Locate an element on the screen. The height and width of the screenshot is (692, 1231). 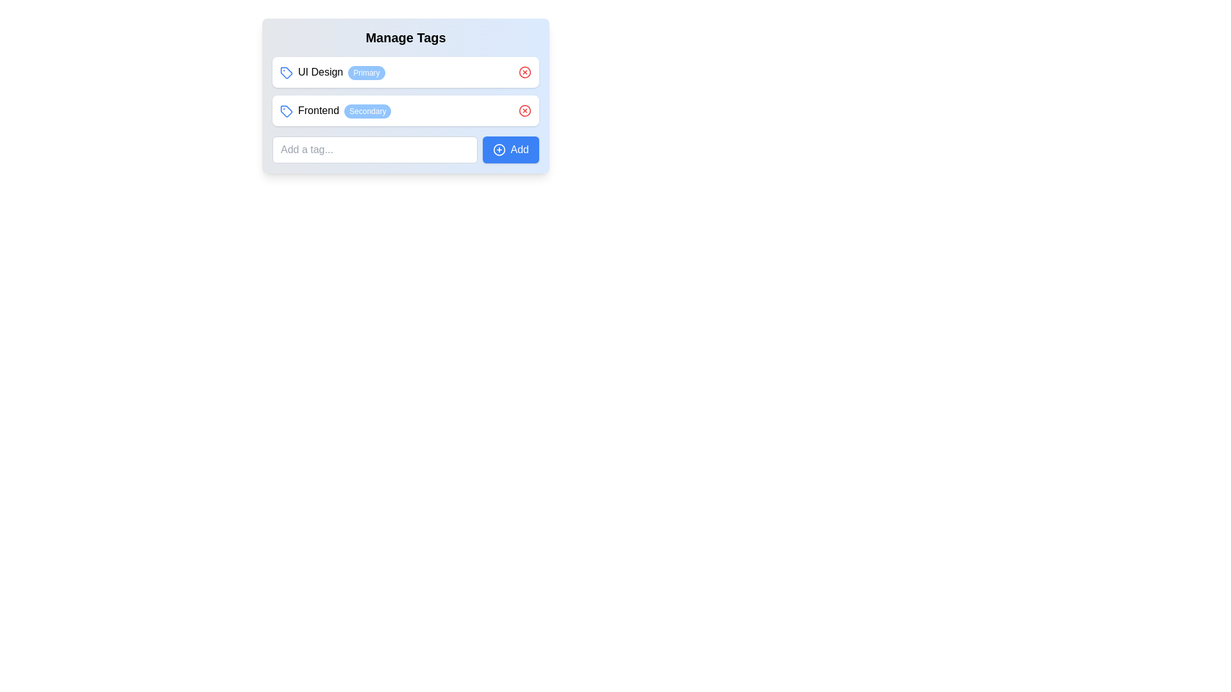
the small, rounded rectangular badge with a blue background and white text that says 'Secondary', positioned to the right of the 'Frontend' text in the second row under 'Manage Tags' is located at coordinates (367, 110).